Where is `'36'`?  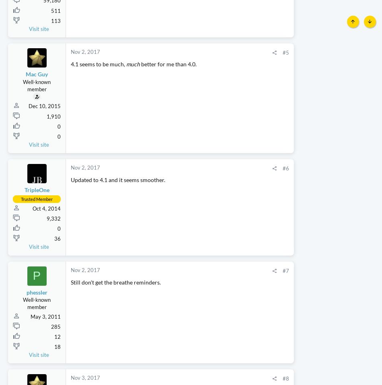 '36' is located at coordinates (57, 262).